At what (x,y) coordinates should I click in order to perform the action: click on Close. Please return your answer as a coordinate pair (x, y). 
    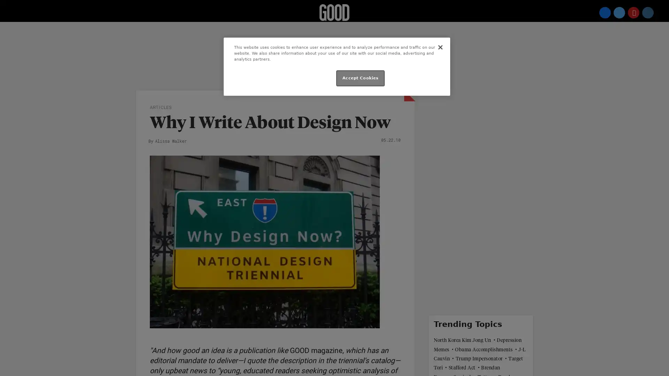
    Looking at the image, I should click on (440, 47).